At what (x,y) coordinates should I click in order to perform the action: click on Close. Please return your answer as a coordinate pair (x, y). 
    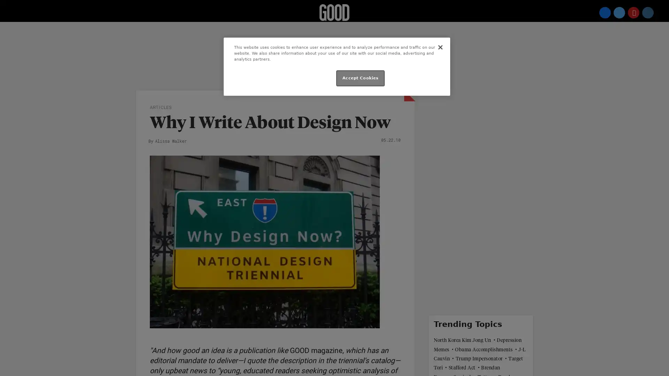
    Looking at the image, I should click on (440, 47).